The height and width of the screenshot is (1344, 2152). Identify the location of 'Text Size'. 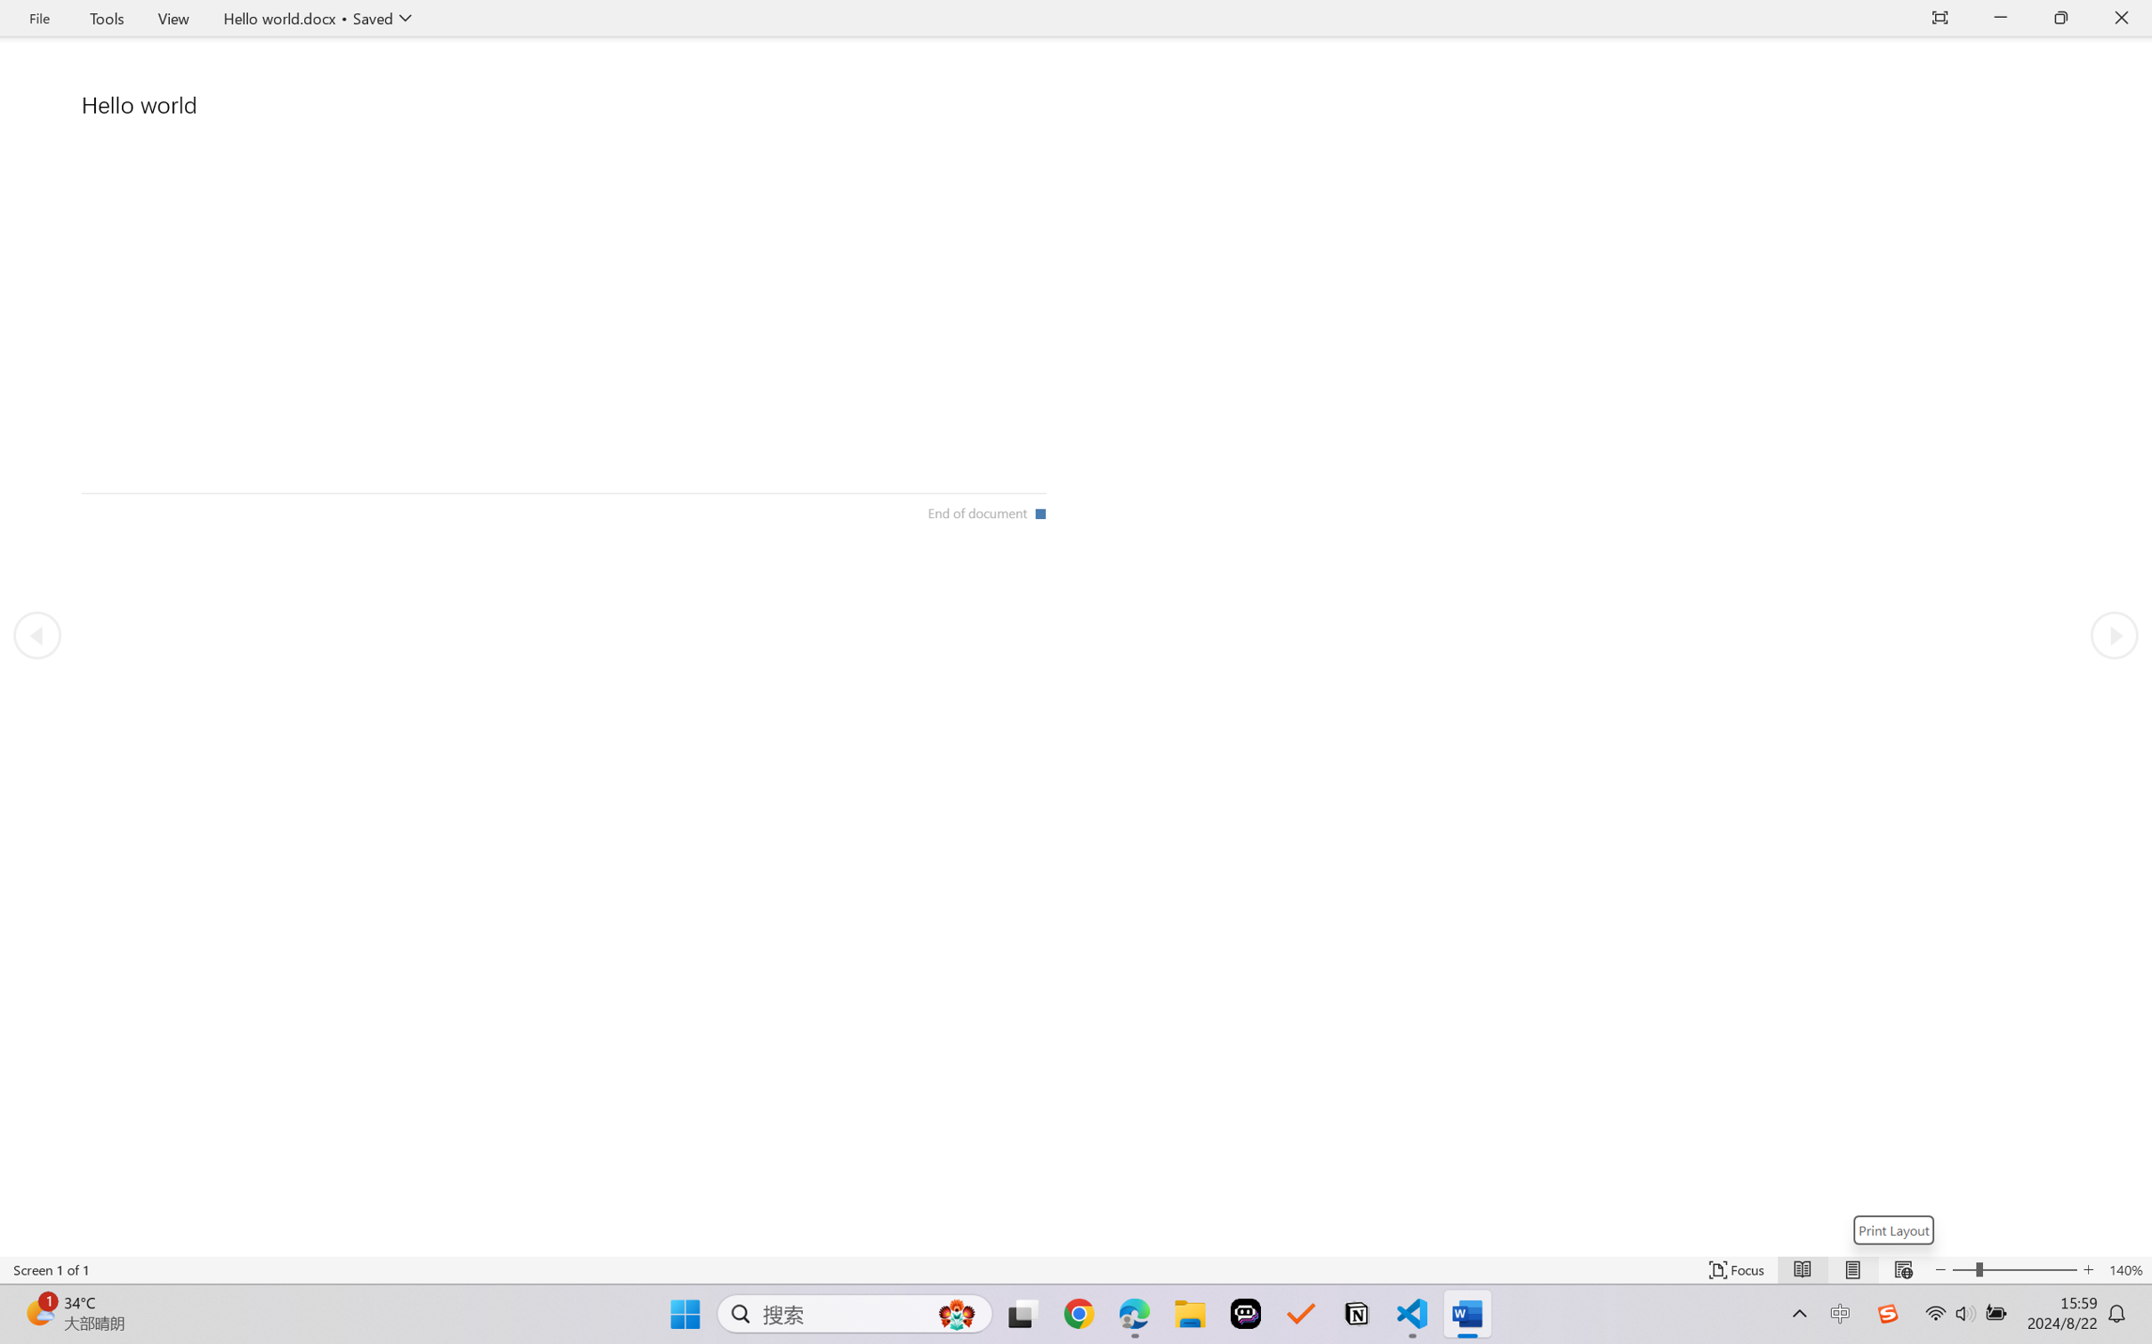
(2015, 1269).